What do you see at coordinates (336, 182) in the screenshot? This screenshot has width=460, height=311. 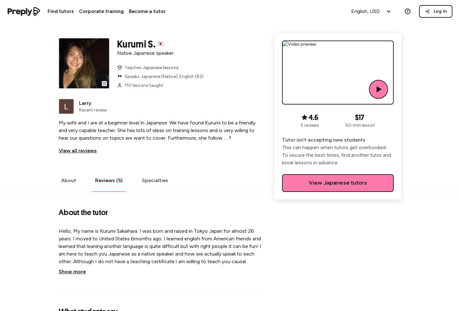 I see `'Japanese'` at bounding box center [336, 182].